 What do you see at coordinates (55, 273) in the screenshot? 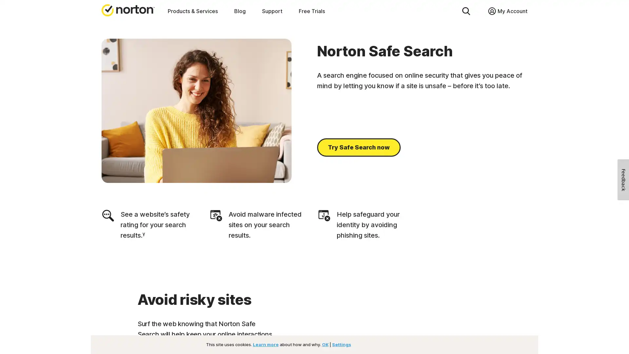
I see `Sign Up` at bounding box center [55, 273].